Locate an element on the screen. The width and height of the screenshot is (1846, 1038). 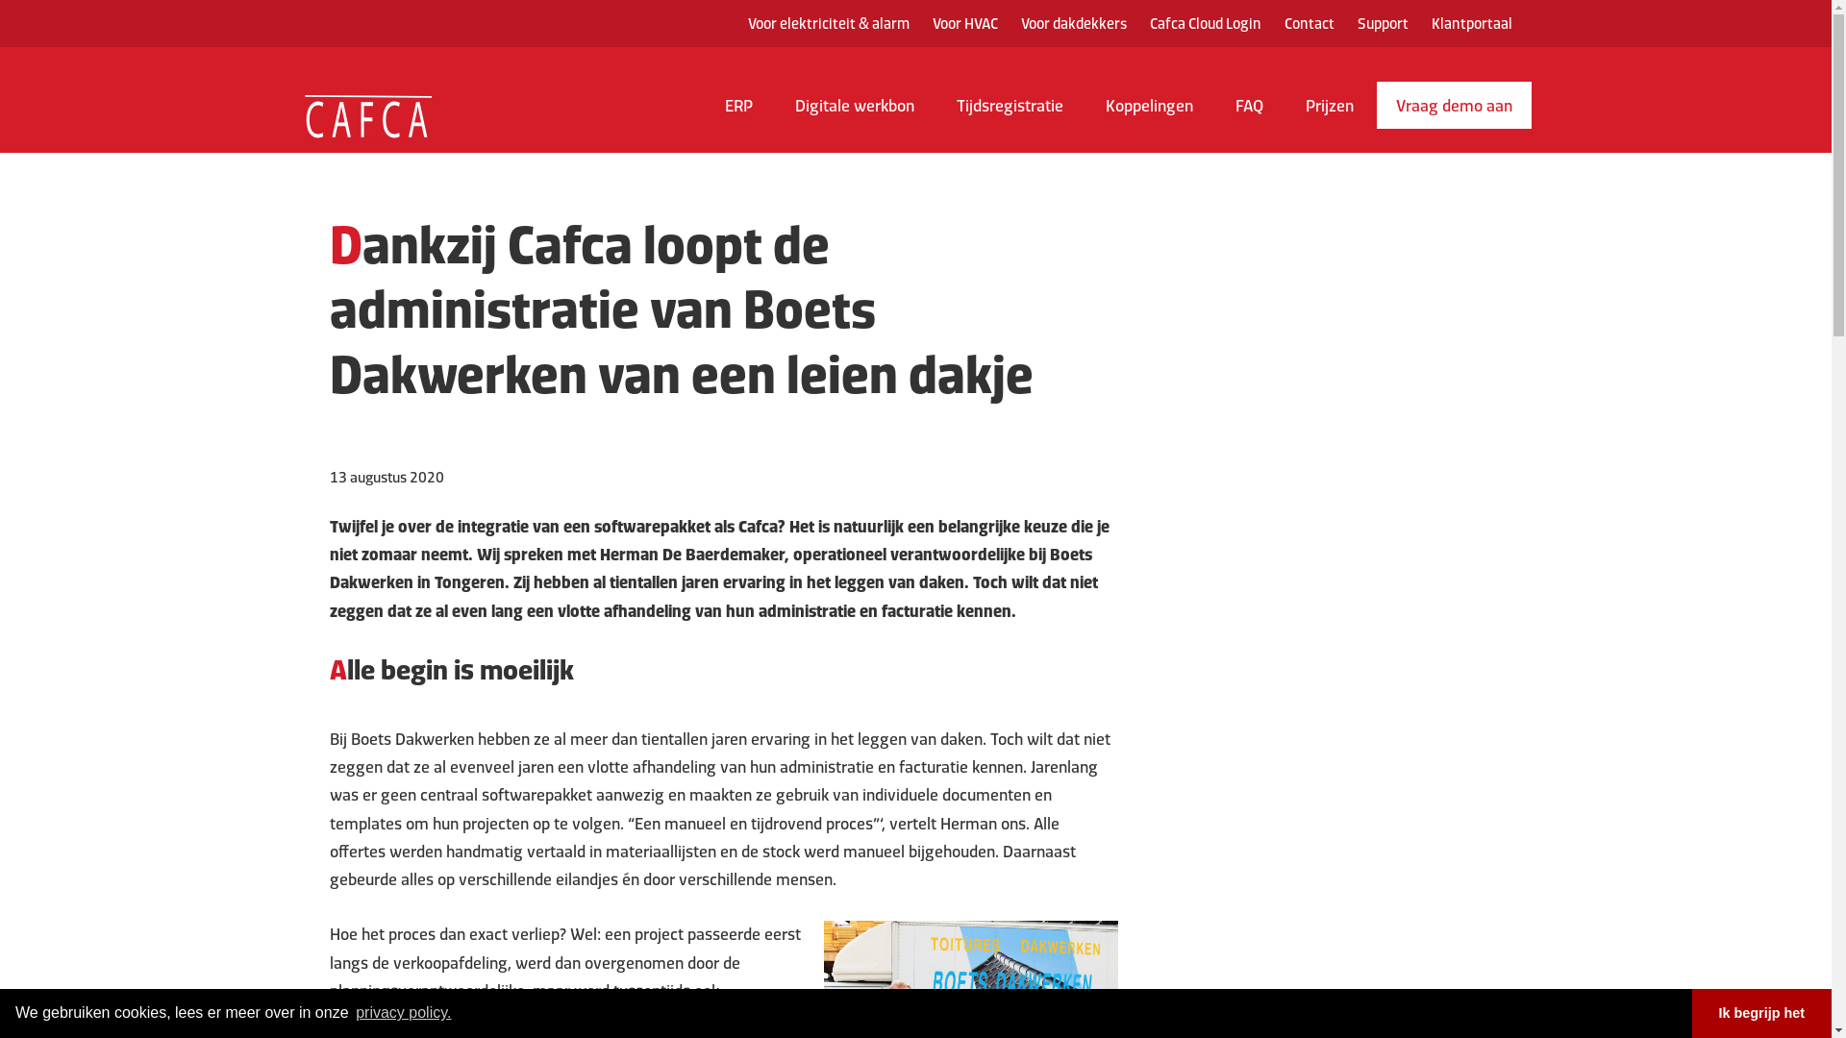
'Voor elektriciteit & alarm' is located at coordinates (829, 23).